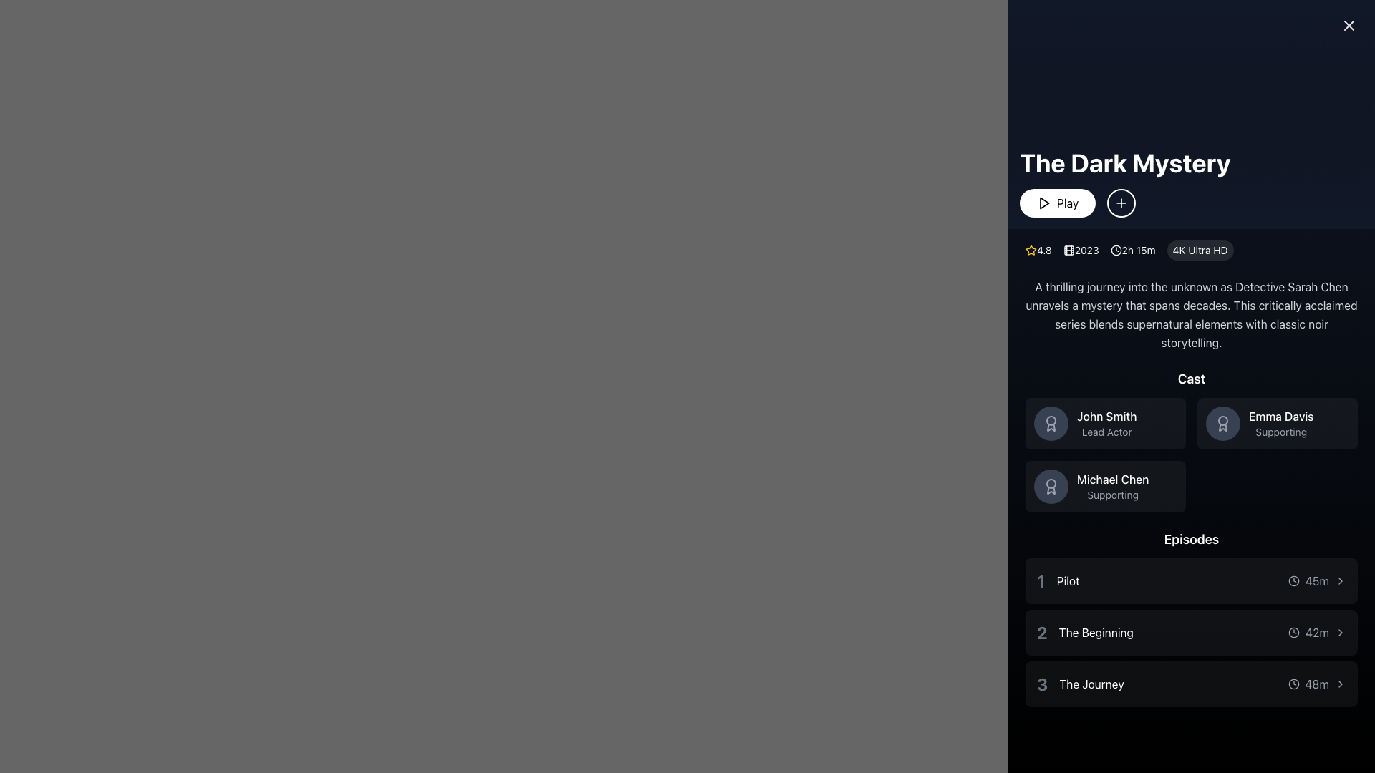 The image size is (1375, 773). What do you see at coordinates (1121, 203) in the screenshot?
I see `the '+' button located to the right of the Play button and slightly above the title 'The Dark Mystery'` at bounding box center [1121, 203].